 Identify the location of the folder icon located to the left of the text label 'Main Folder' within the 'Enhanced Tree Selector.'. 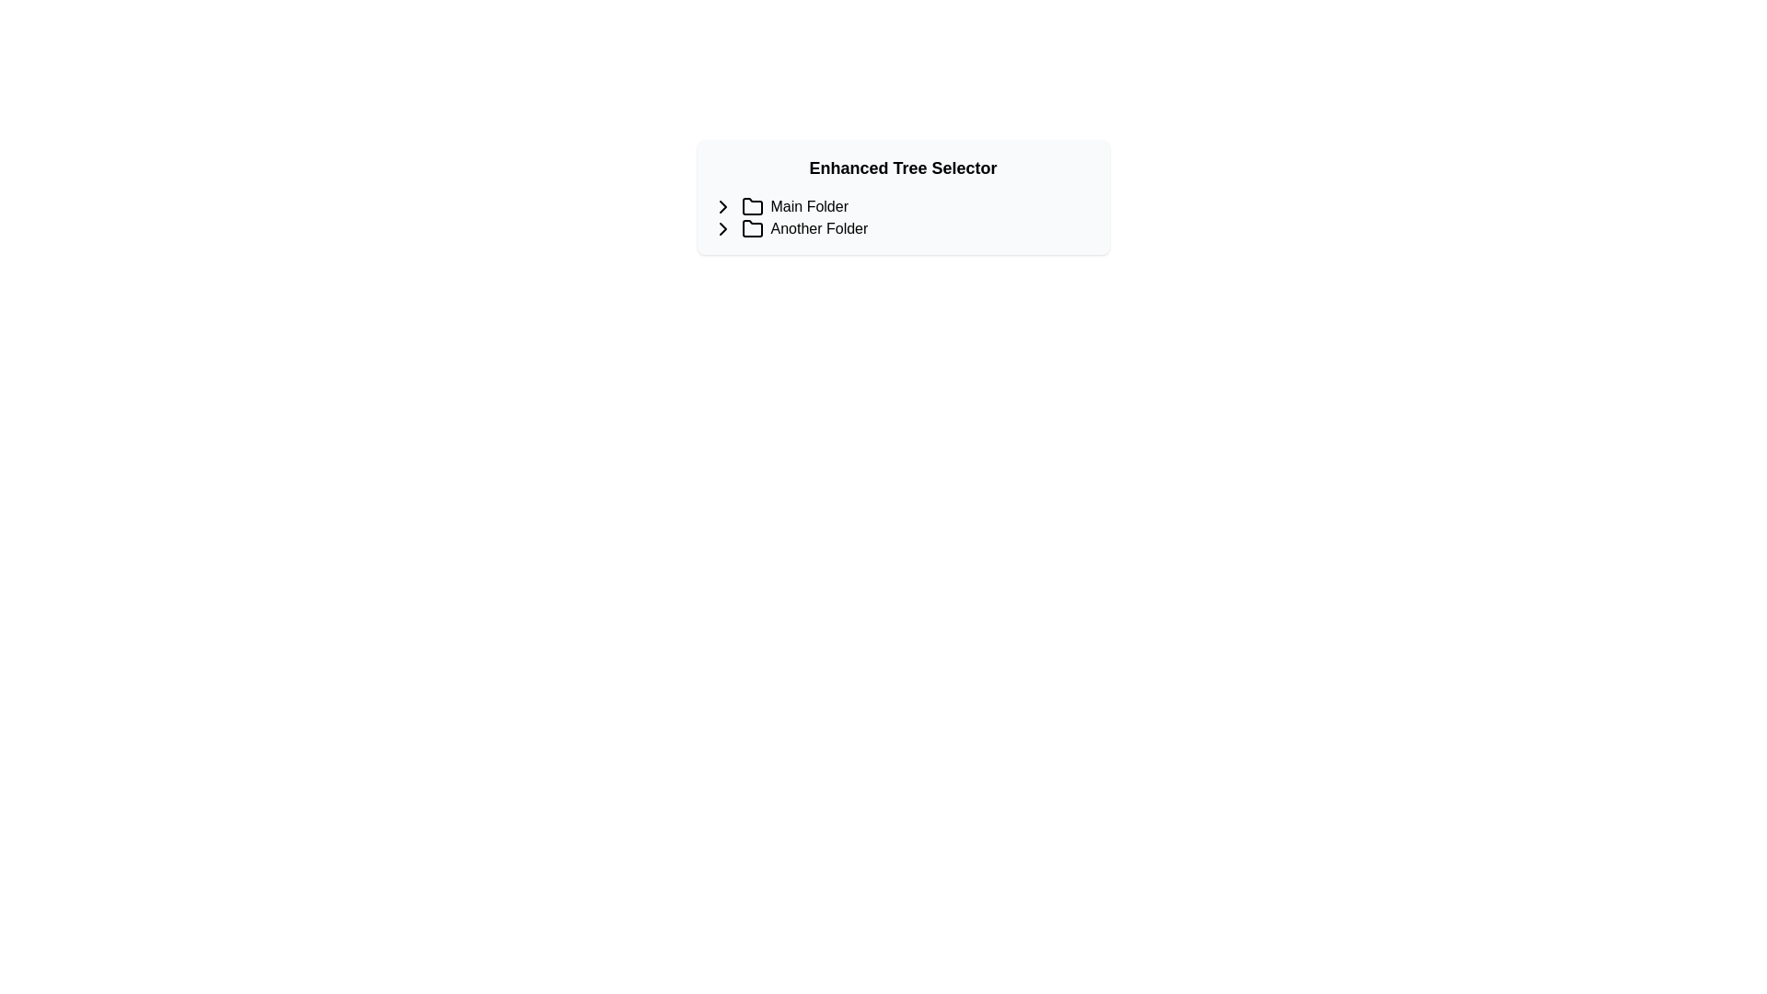
(752, 206).